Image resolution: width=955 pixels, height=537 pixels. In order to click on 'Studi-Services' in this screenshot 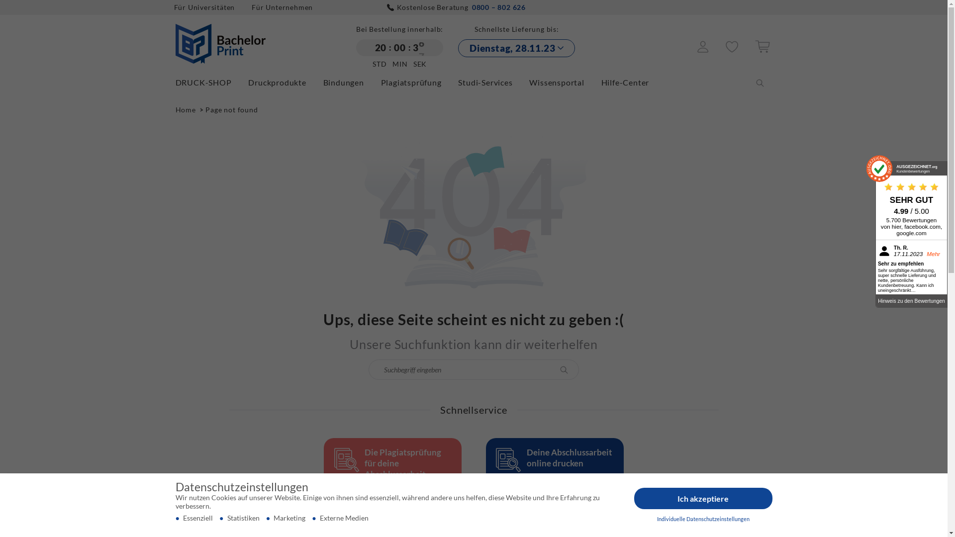, I will do `click(458, 82)`.